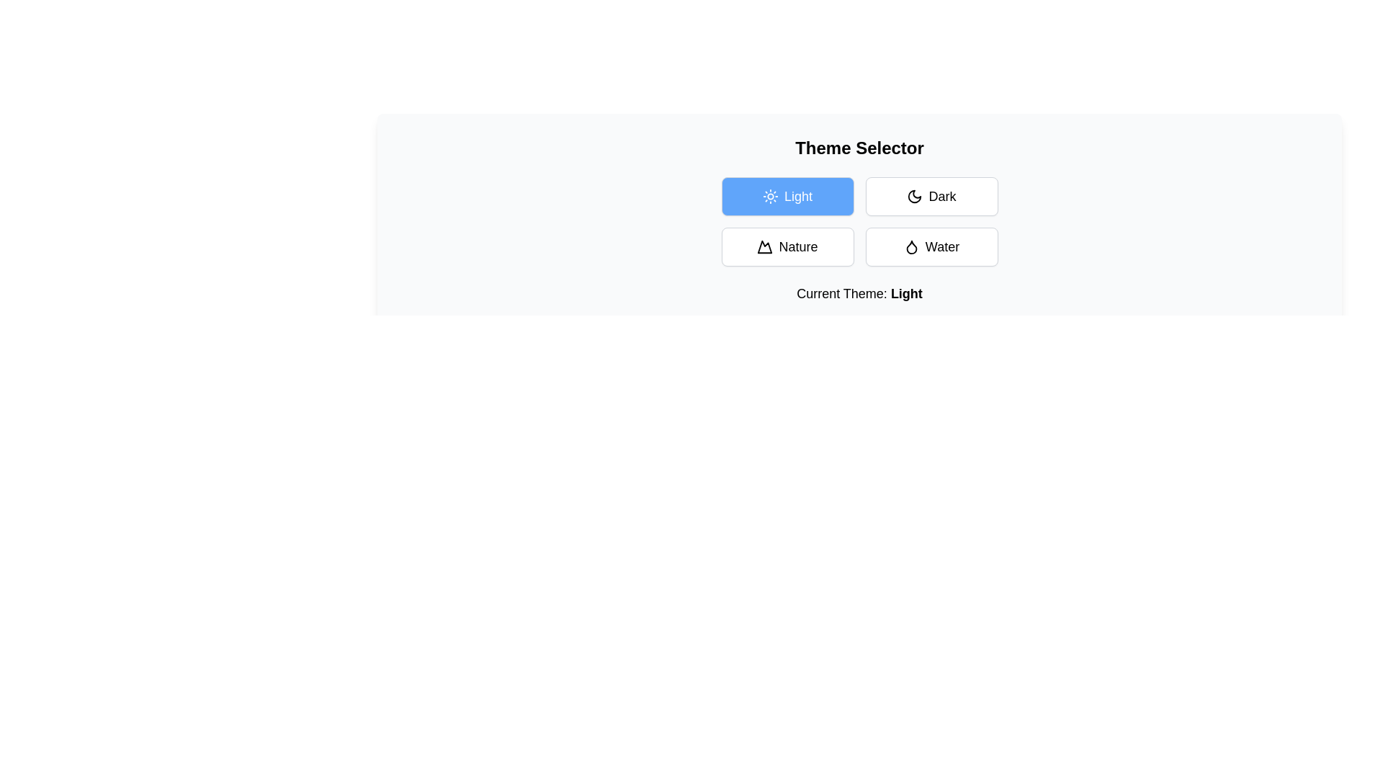 The width and height of the screenshot is (1383, 778). Describe the element at coordinates (910, 246) in the screenshot. I see `the 'Water' theme icon located to the left of the 'Water' text in the Theme Selector button group` at that location.